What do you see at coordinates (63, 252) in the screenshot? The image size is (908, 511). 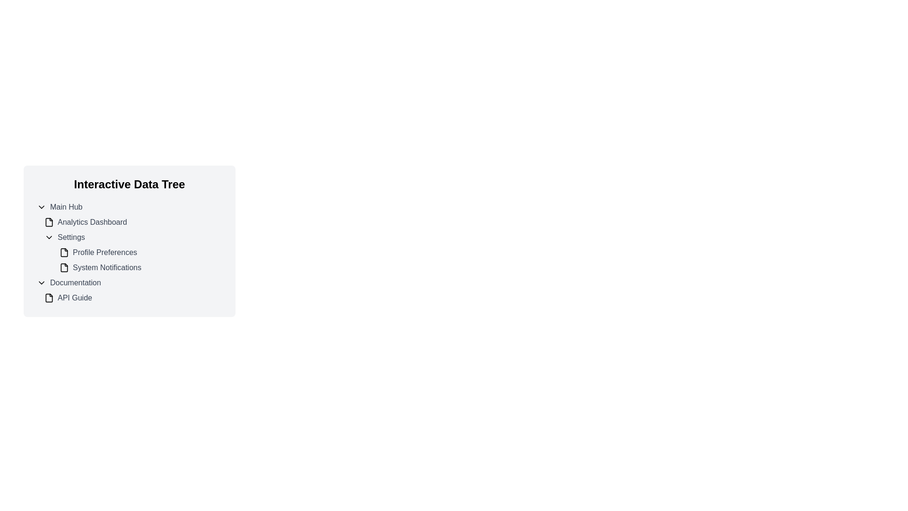 I see `the 'Profile Preferences' icon located to the left of the text within the 'Settings' section of the 'Interactive Data Tree' interface` at bounding box center [63, 252].